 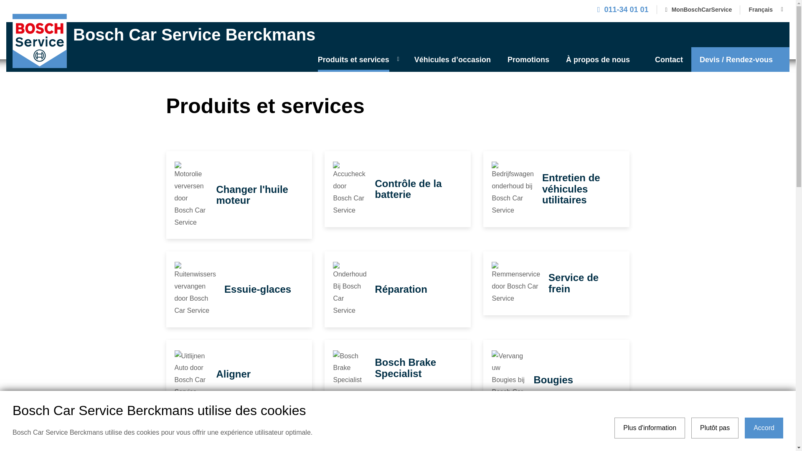 I want to click on 'Service de frein', so click(x=548, y=282).